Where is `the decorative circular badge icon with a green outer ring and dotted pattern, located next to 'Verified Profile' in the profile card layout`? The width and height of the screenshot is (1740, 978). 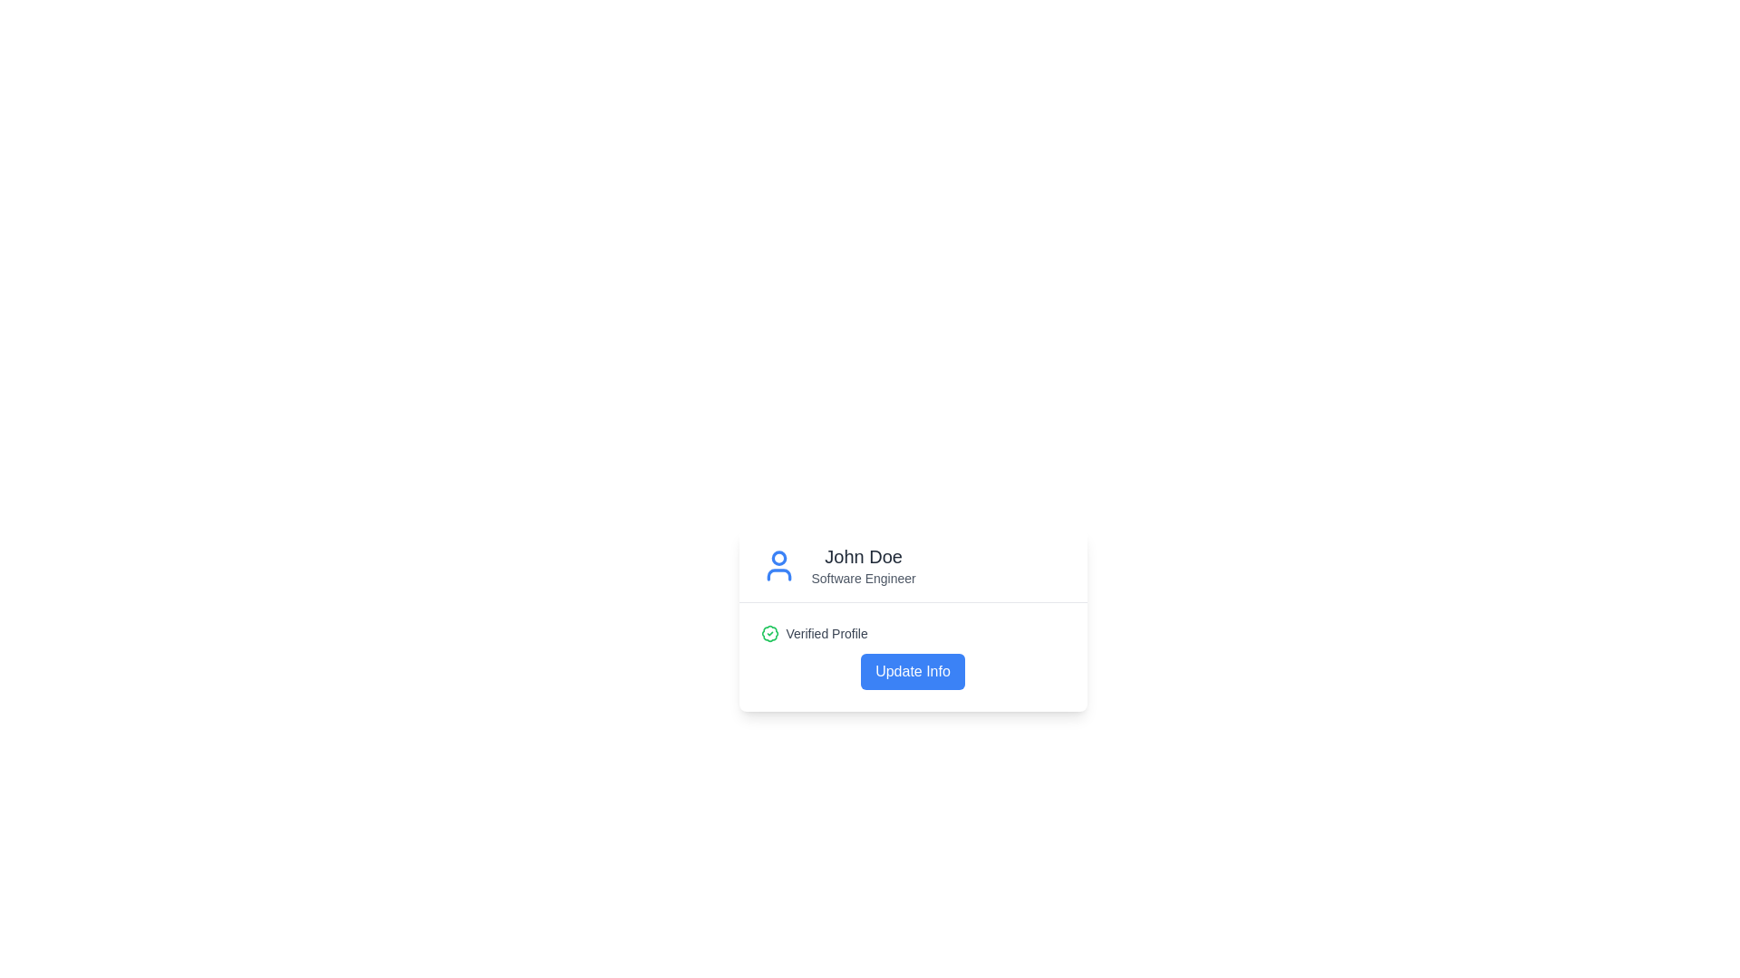 the decorative circular badge icon with a green outer ring and dotted pattern, located next to 'Verified Profile' in the profile card layout is located at coordinates (769, 632).